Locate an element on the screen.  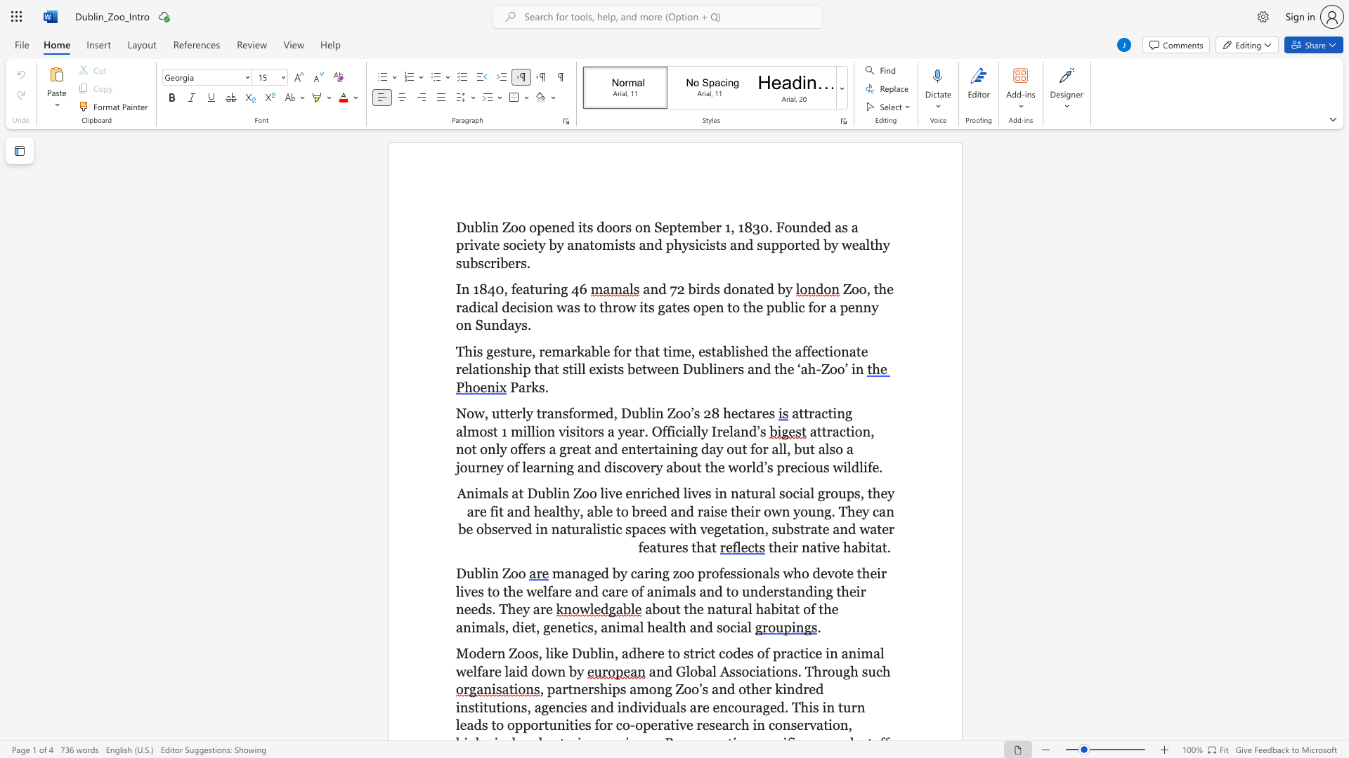
the subset text ", Dub" within the text "Now, utterly transformed, Dublin Zoo’s 28 hectares" is located at coordinates (613, 413).